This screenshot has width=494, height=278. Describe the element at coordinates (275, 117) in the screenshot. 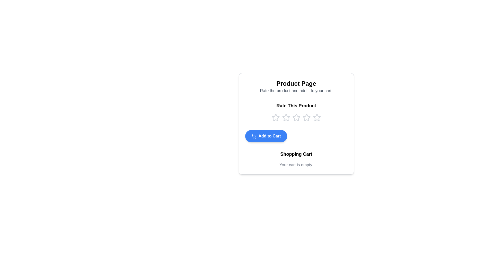

I see `the first interactive star rating icon, which is a hollow star with a thin outline, located beneath the 'Rate This Product' text` at that location.